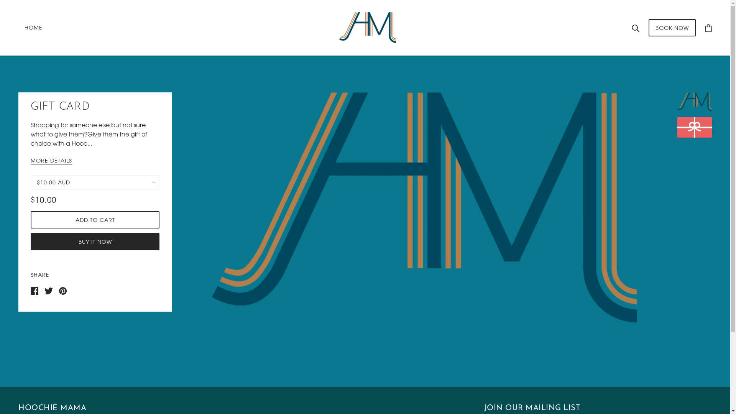  Describe the element at coordinates (31, 161) in the screenshot. I see `'MORE DETAILS'` at that location.